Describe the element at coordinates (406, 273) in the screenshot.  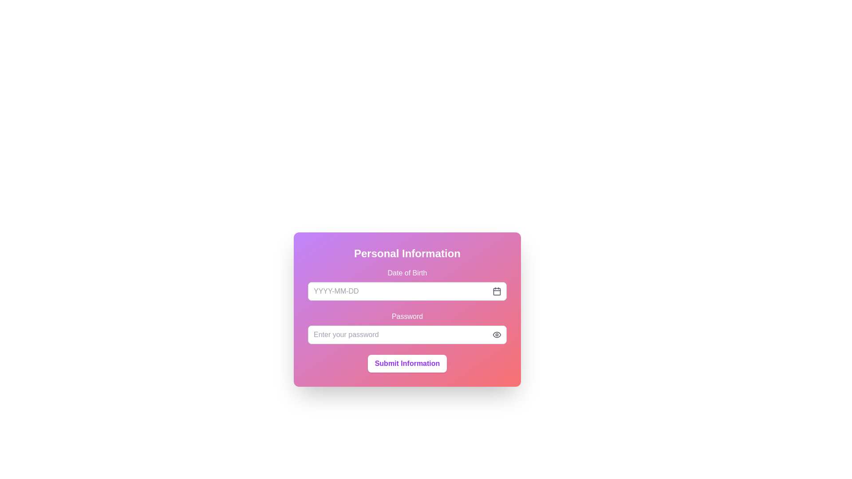
I see `the text label displaying 'Date of Birth', which is styled with a medium-sized font and white text color, positioned above the Date of Birth input field` at that location.